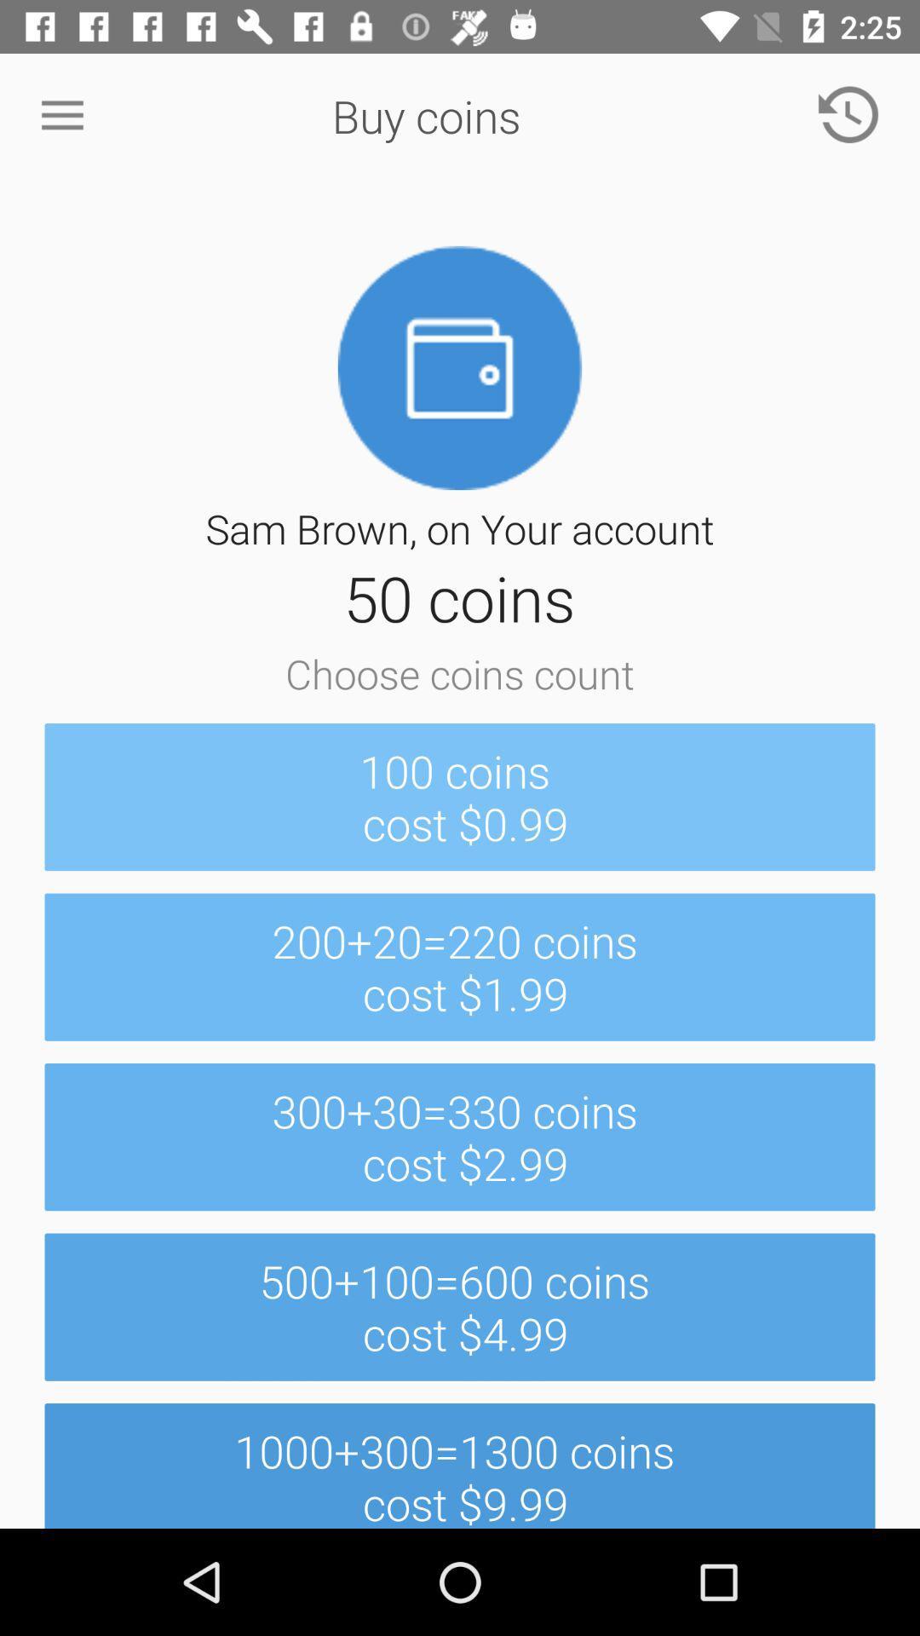  What do you see at coordinates (61, 115) in the screenshot?
I see `item at the top left corner` at bounding box center [61, 115].